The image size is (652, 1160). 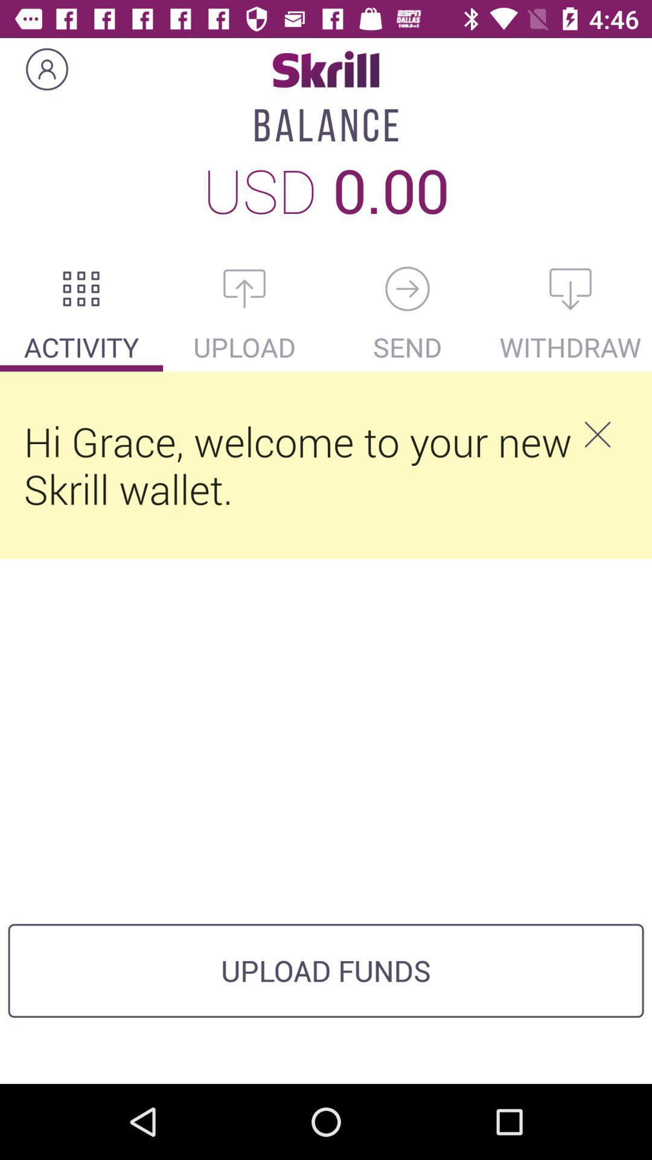 I want to click on item above withdraw item, so click(x=570, y=288).